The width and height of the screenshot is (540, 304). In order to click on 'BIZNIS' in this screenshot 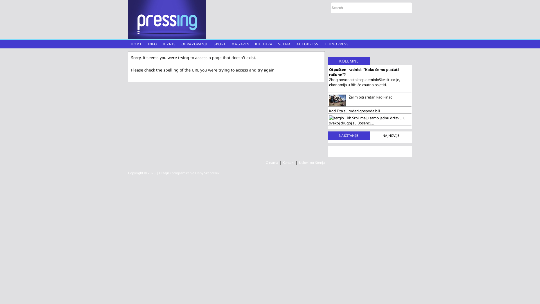, I will do `click(169, 44)`.